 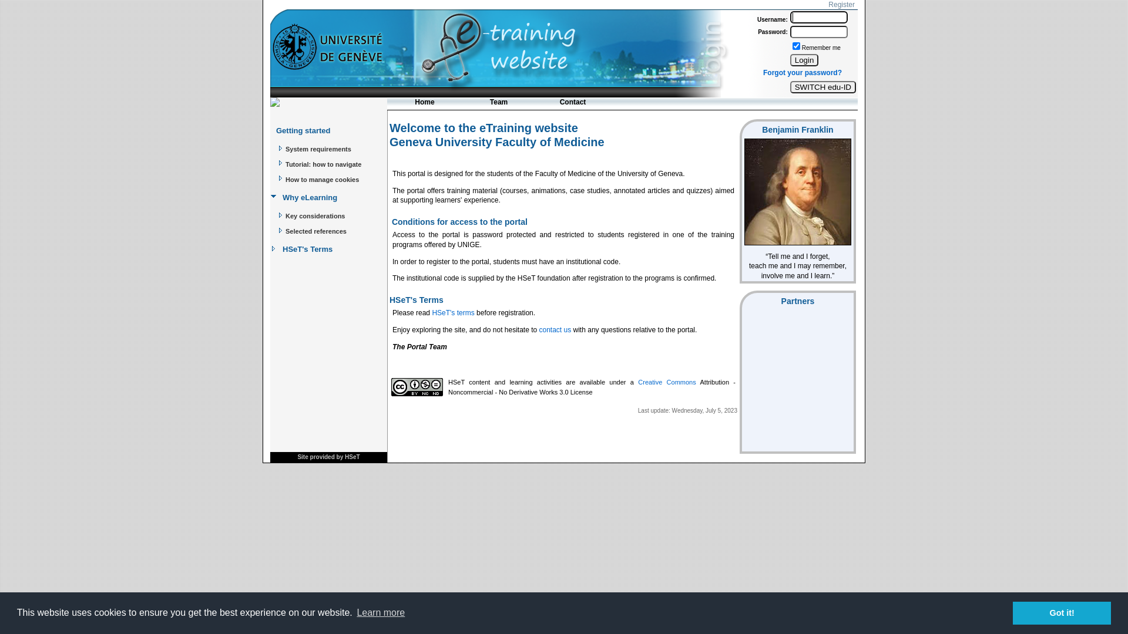 What do you see at coordinates (818, 31) in the screenshot?
I see `'Password'` at bounding box center [818, 31].